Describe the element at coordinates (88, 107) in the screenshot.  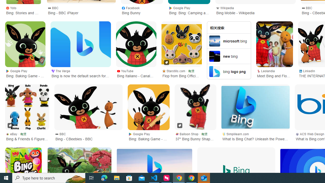
I see `'Bing - CBeebies - BBC'` at that location.